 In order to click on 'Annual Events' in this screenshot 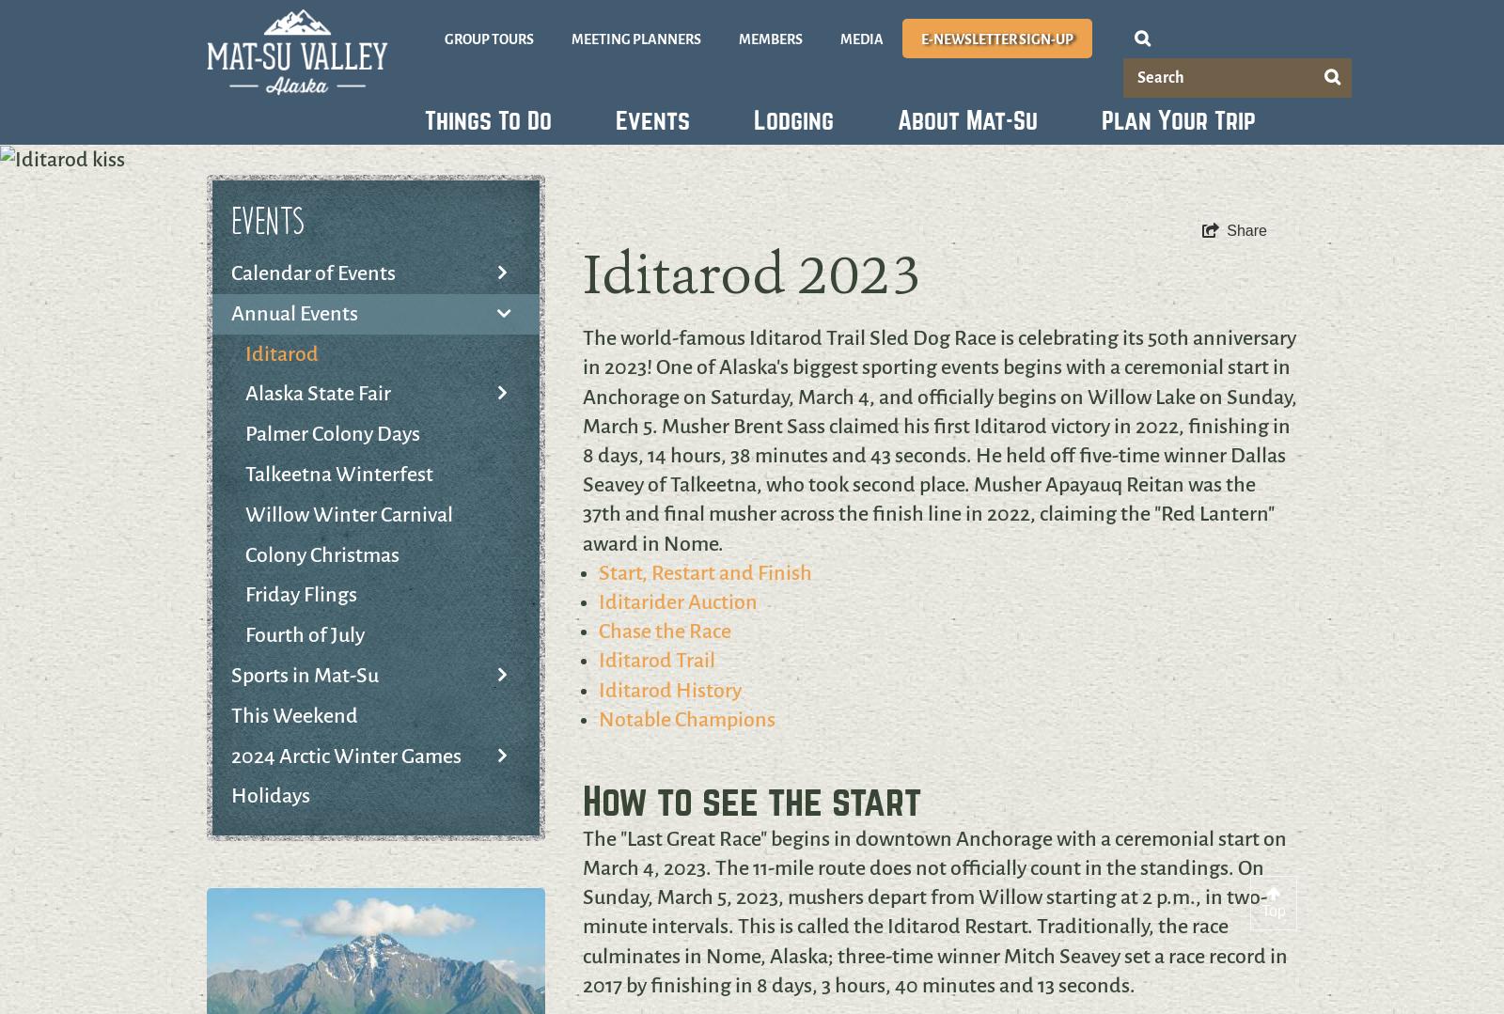, I will do `click(294, 312)`.